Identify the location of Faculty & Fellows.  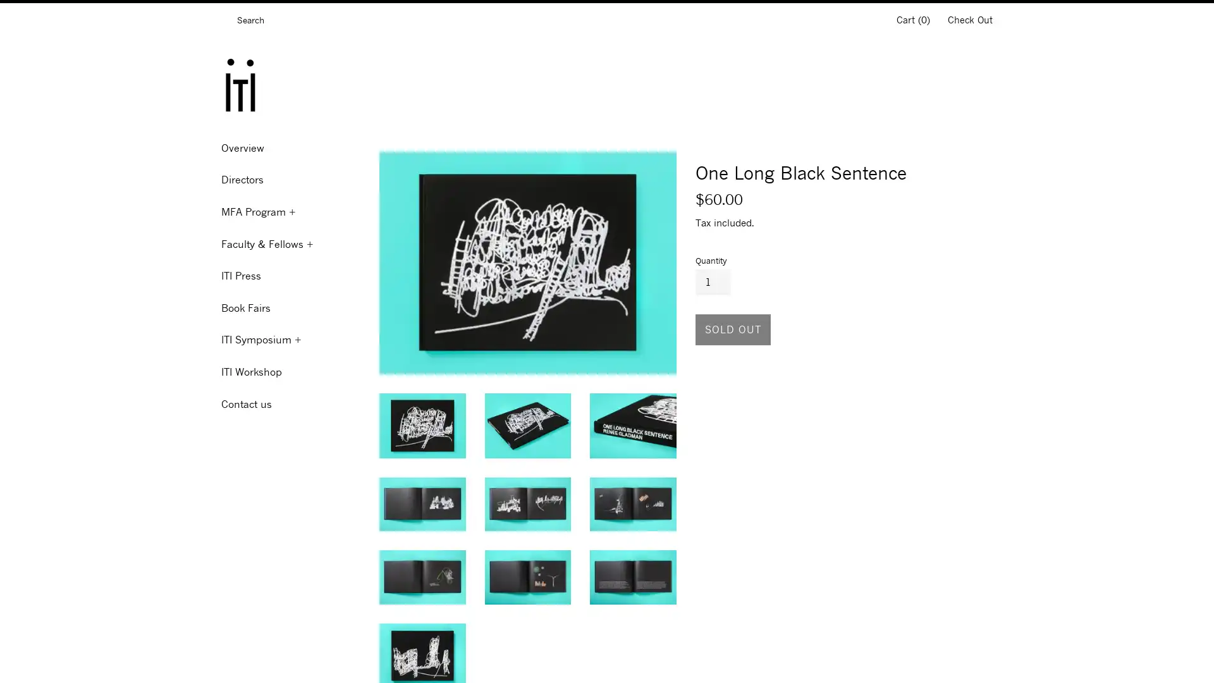
(290, 243).